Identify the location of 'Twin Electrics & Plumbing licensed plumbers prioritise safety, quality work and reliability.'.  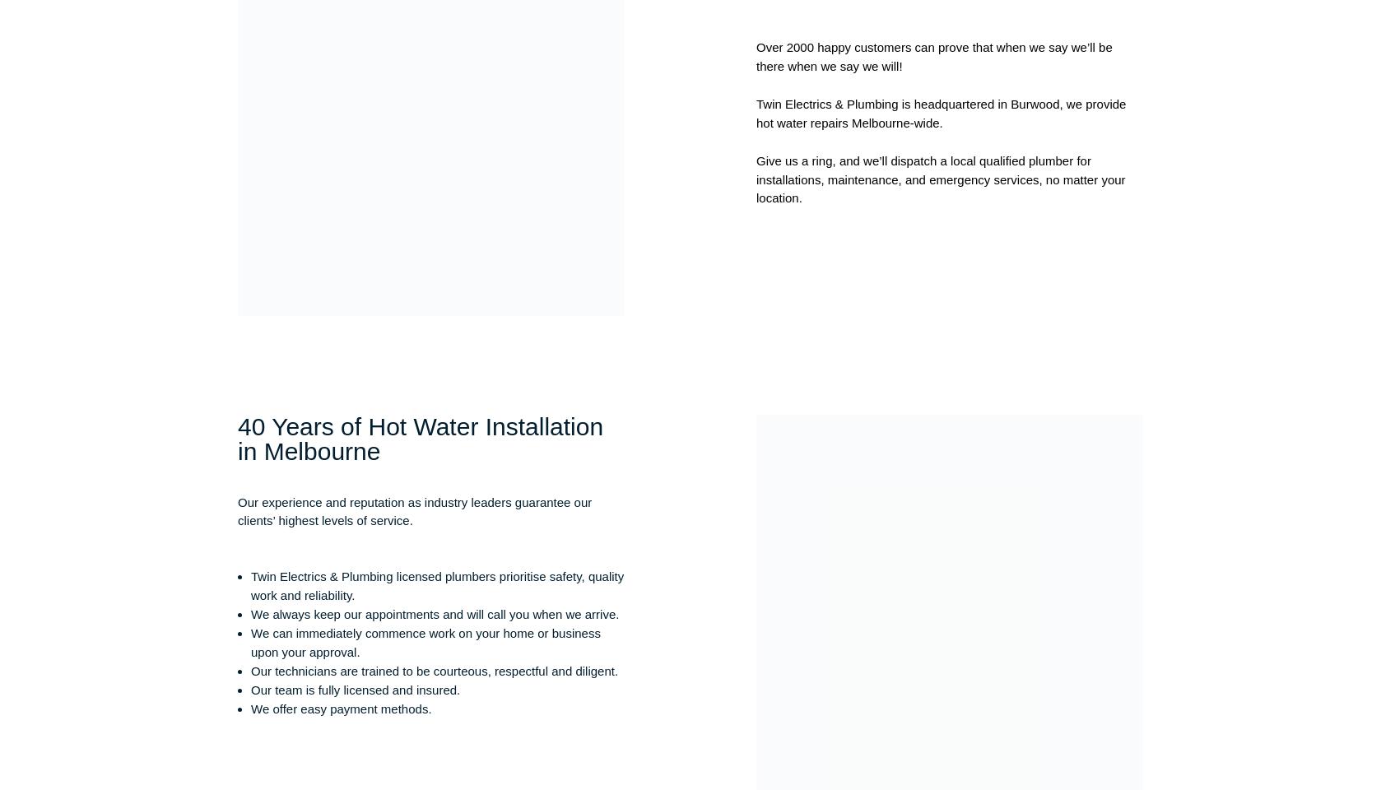
(436, 584).